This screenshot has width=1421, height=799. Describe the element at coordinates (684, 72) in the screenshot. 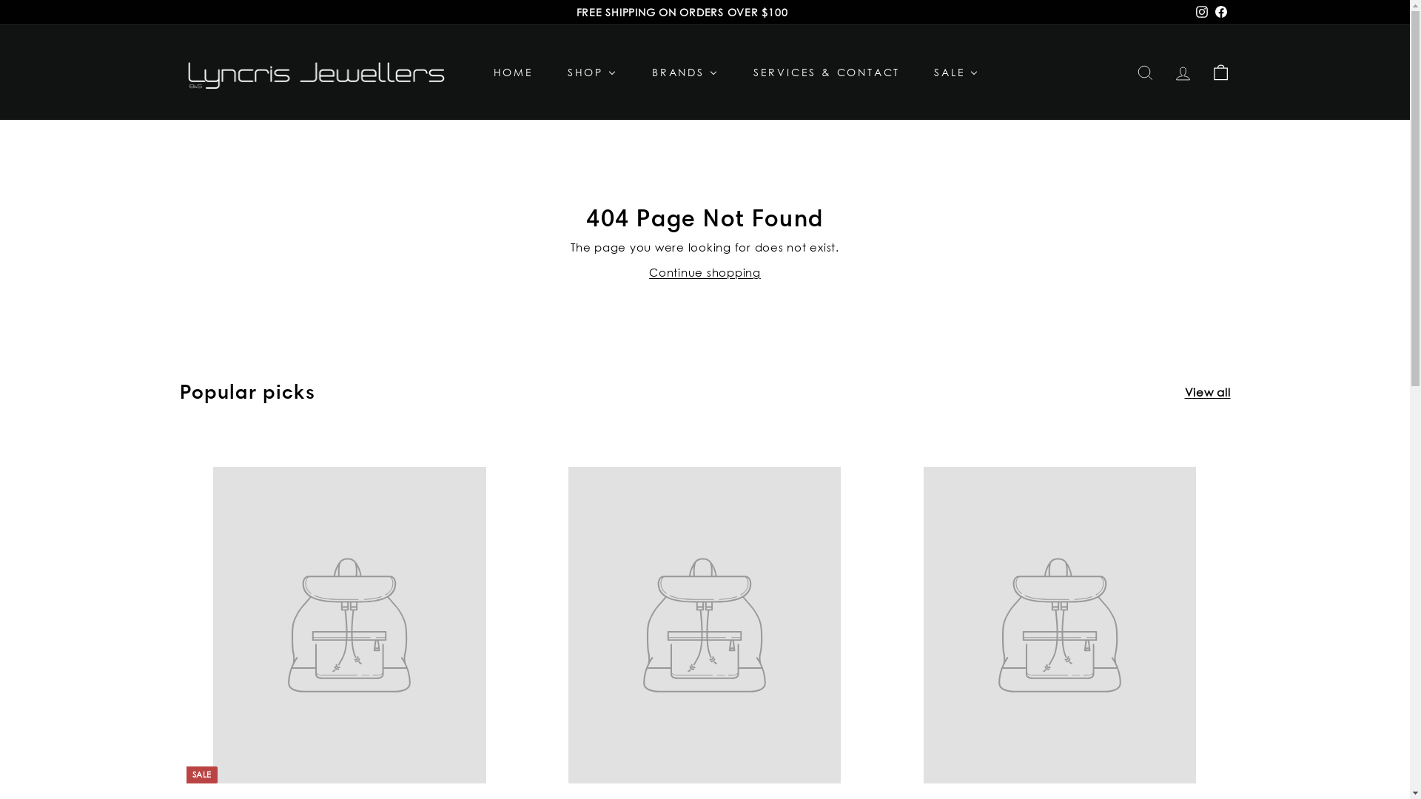

I see `'BRANDS'` at that location.